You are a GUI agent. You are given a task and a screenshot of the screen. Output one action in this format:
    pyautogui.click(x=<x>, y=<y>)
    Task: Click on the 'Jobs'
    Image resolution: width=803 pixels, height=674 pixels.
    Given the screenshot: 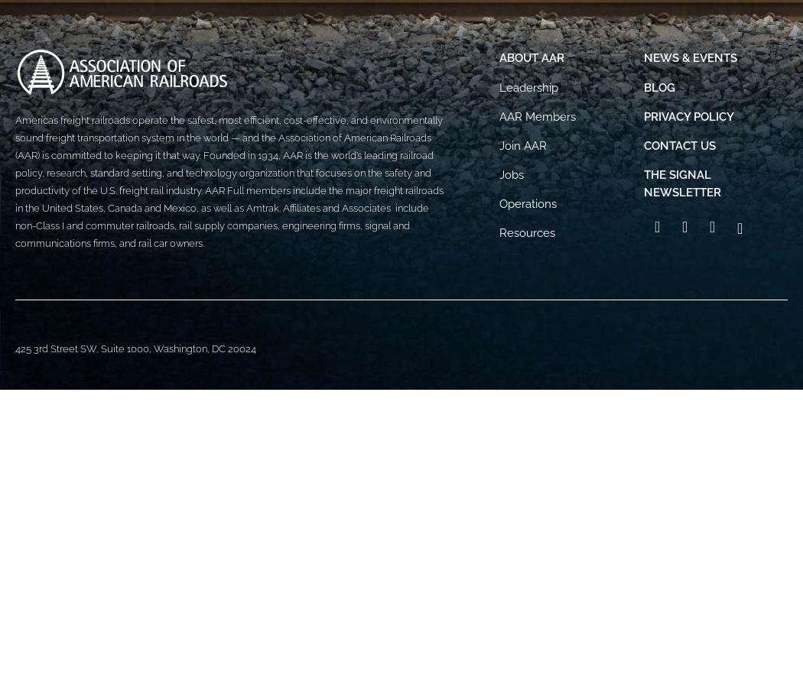 What is the action you would take?
    pyautogui.click(x=510, y=173)
    